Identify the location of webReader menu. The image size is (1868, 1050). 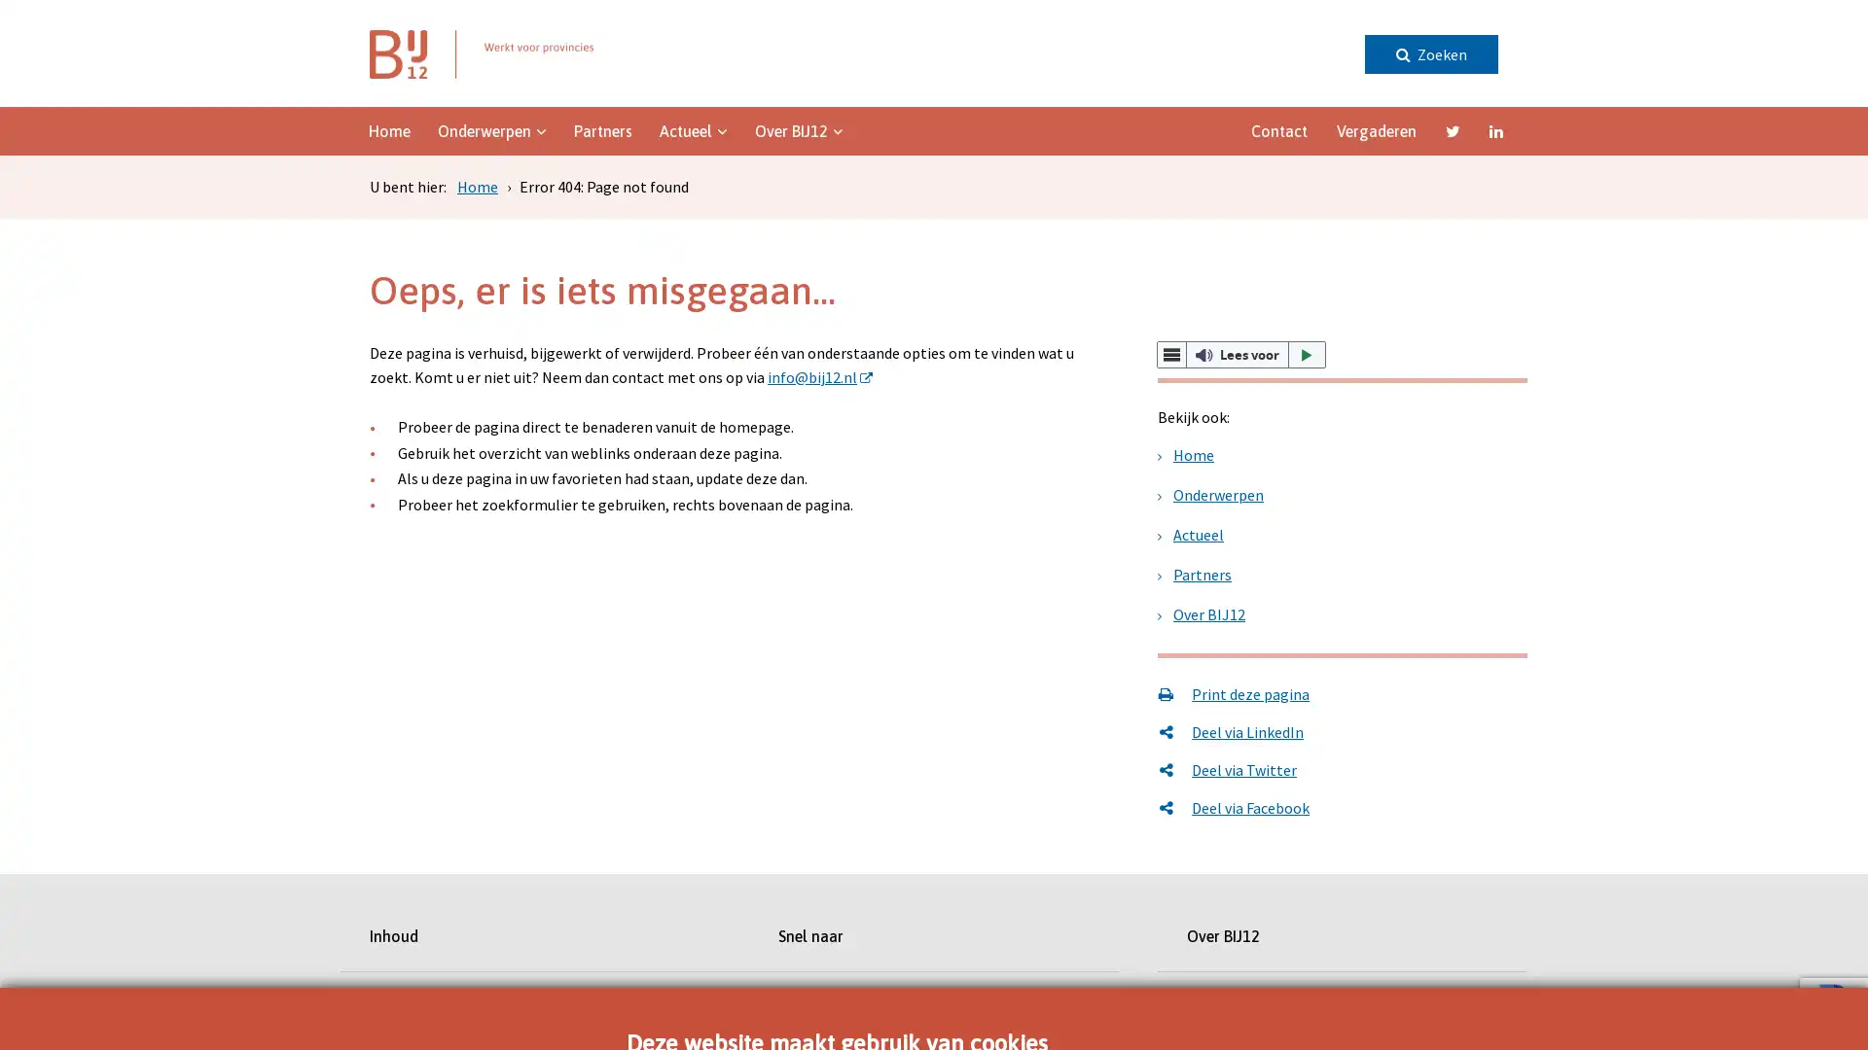
(1170, 355).